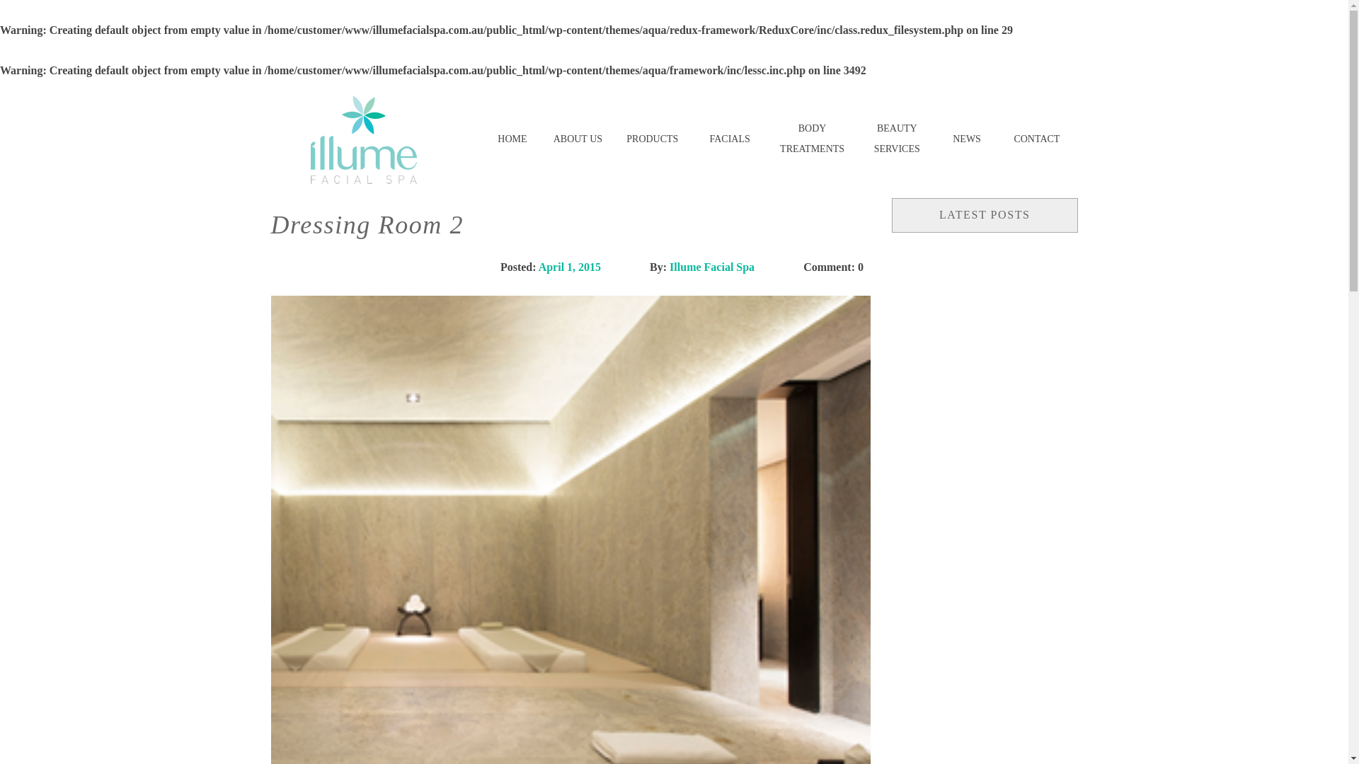  What do you see at coordinates (1036, 139) in the screenshot?
I see `'CONTACT'` at bounding box center [1036, 139].